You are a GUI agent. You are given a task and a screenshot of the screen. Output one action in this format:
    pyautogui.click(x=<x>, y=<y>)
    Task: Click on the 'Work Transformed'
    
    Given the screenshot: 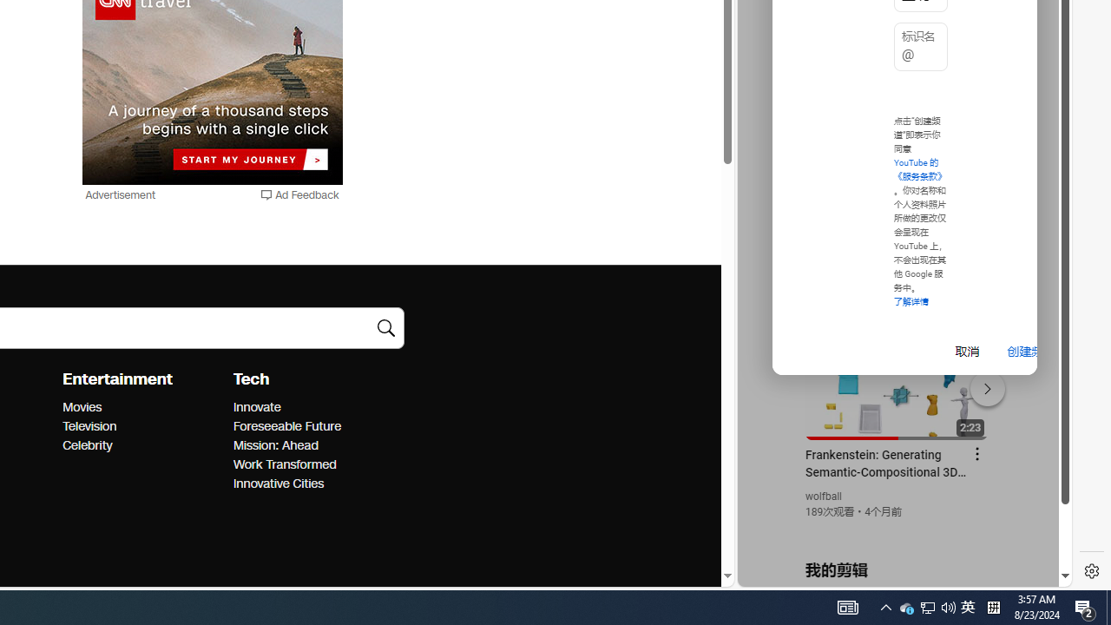 What is the action you would take?
    pyautogui.click(x=312, y=464)
    